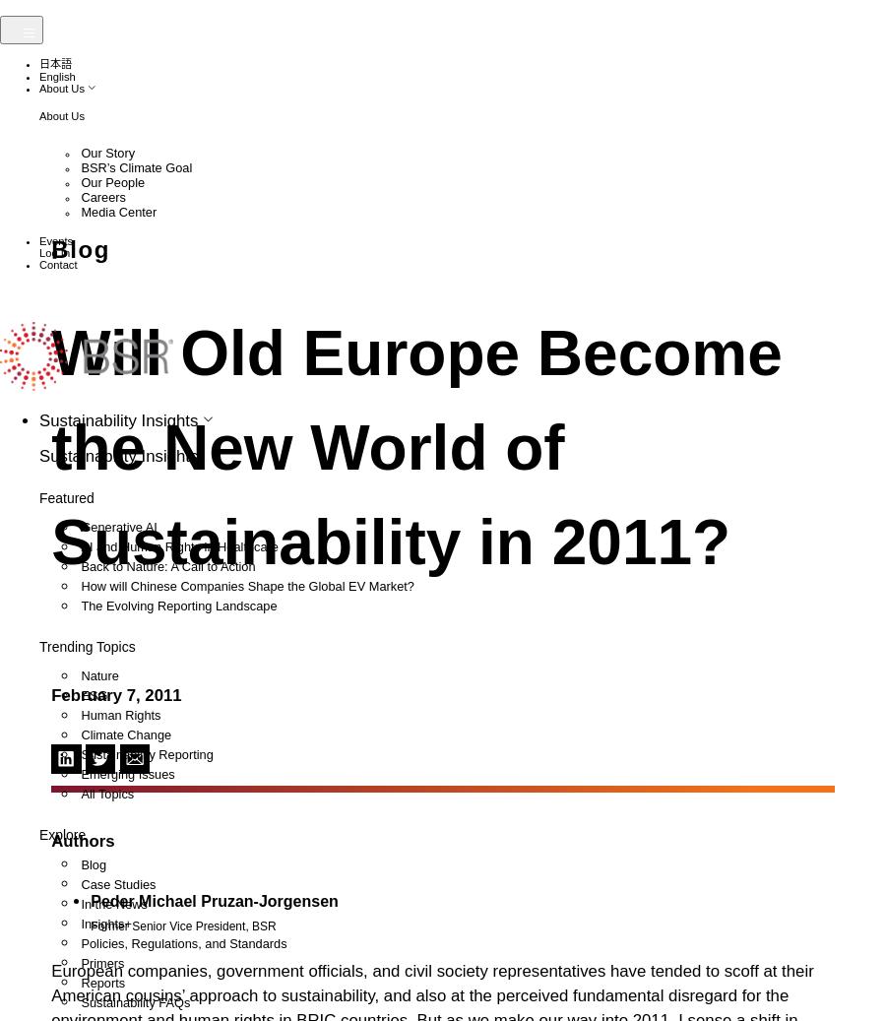  What do you see at coordinates (103, 586) in the screenshot?
I see `'Tokyo'` at bounding box center [103, 586].